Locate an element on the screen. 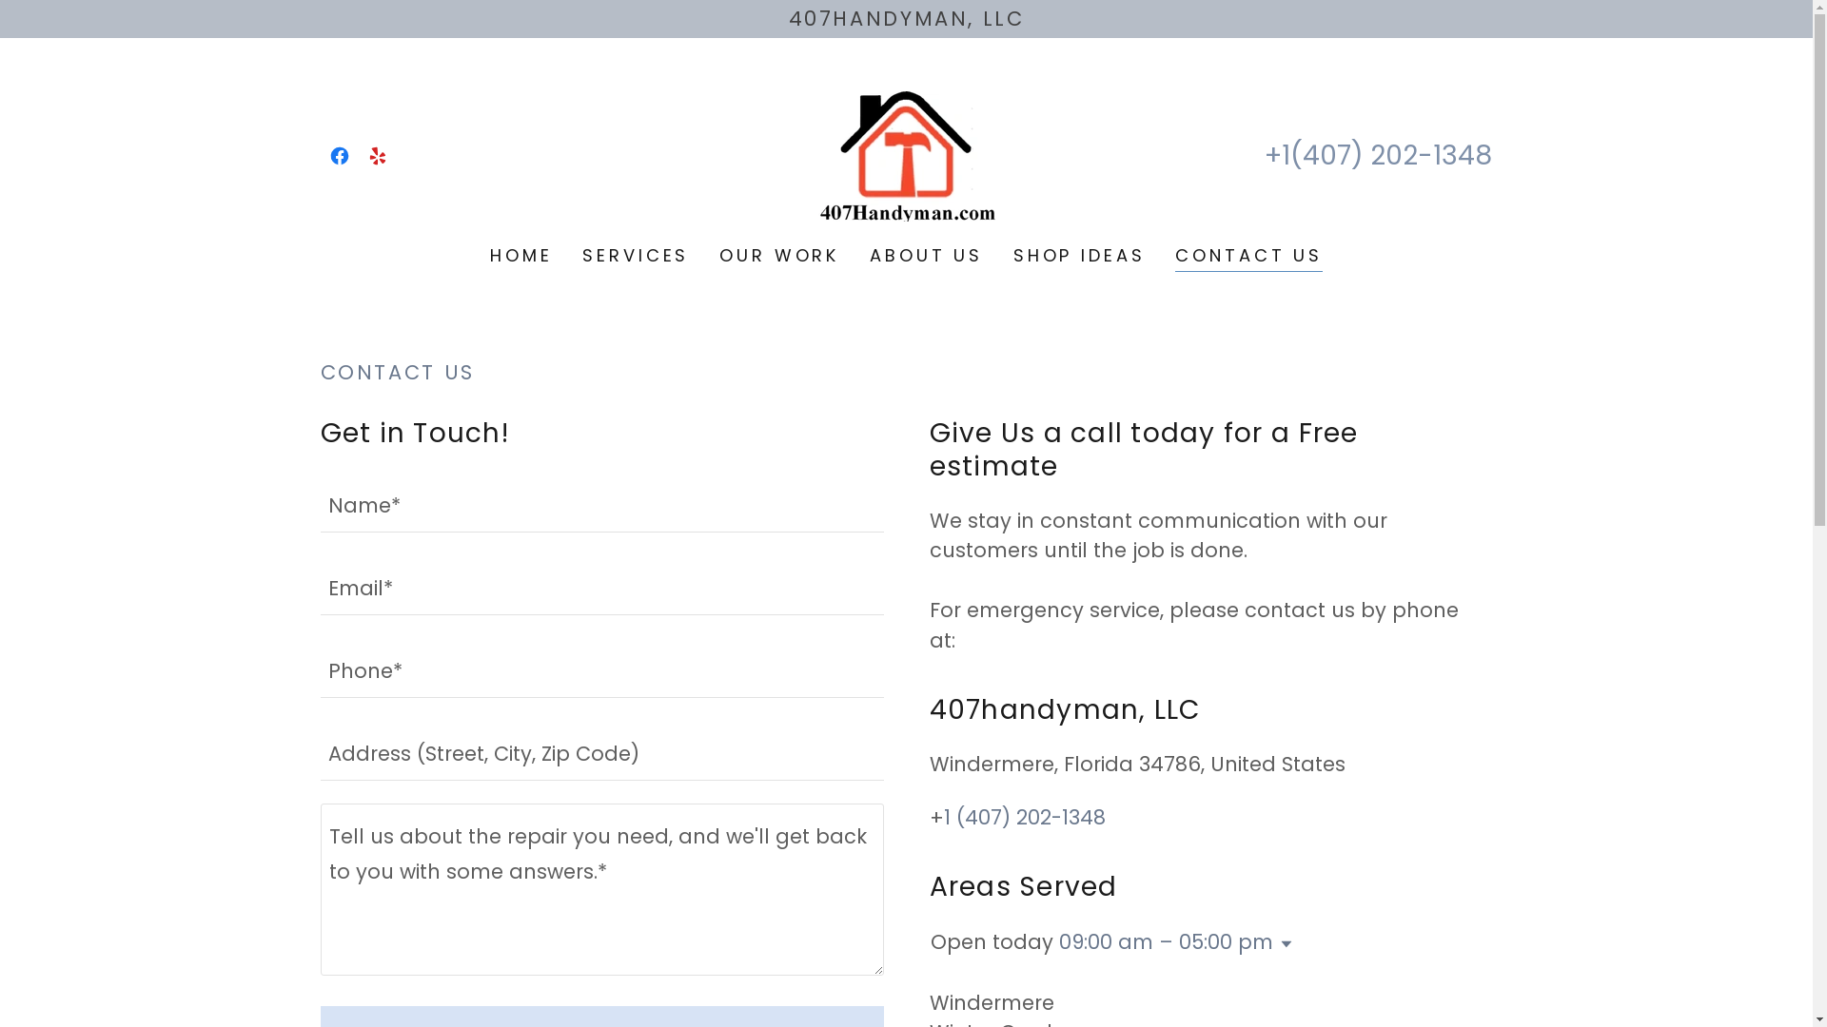  'CONTACT US' is located at coordinates (1248, 257).